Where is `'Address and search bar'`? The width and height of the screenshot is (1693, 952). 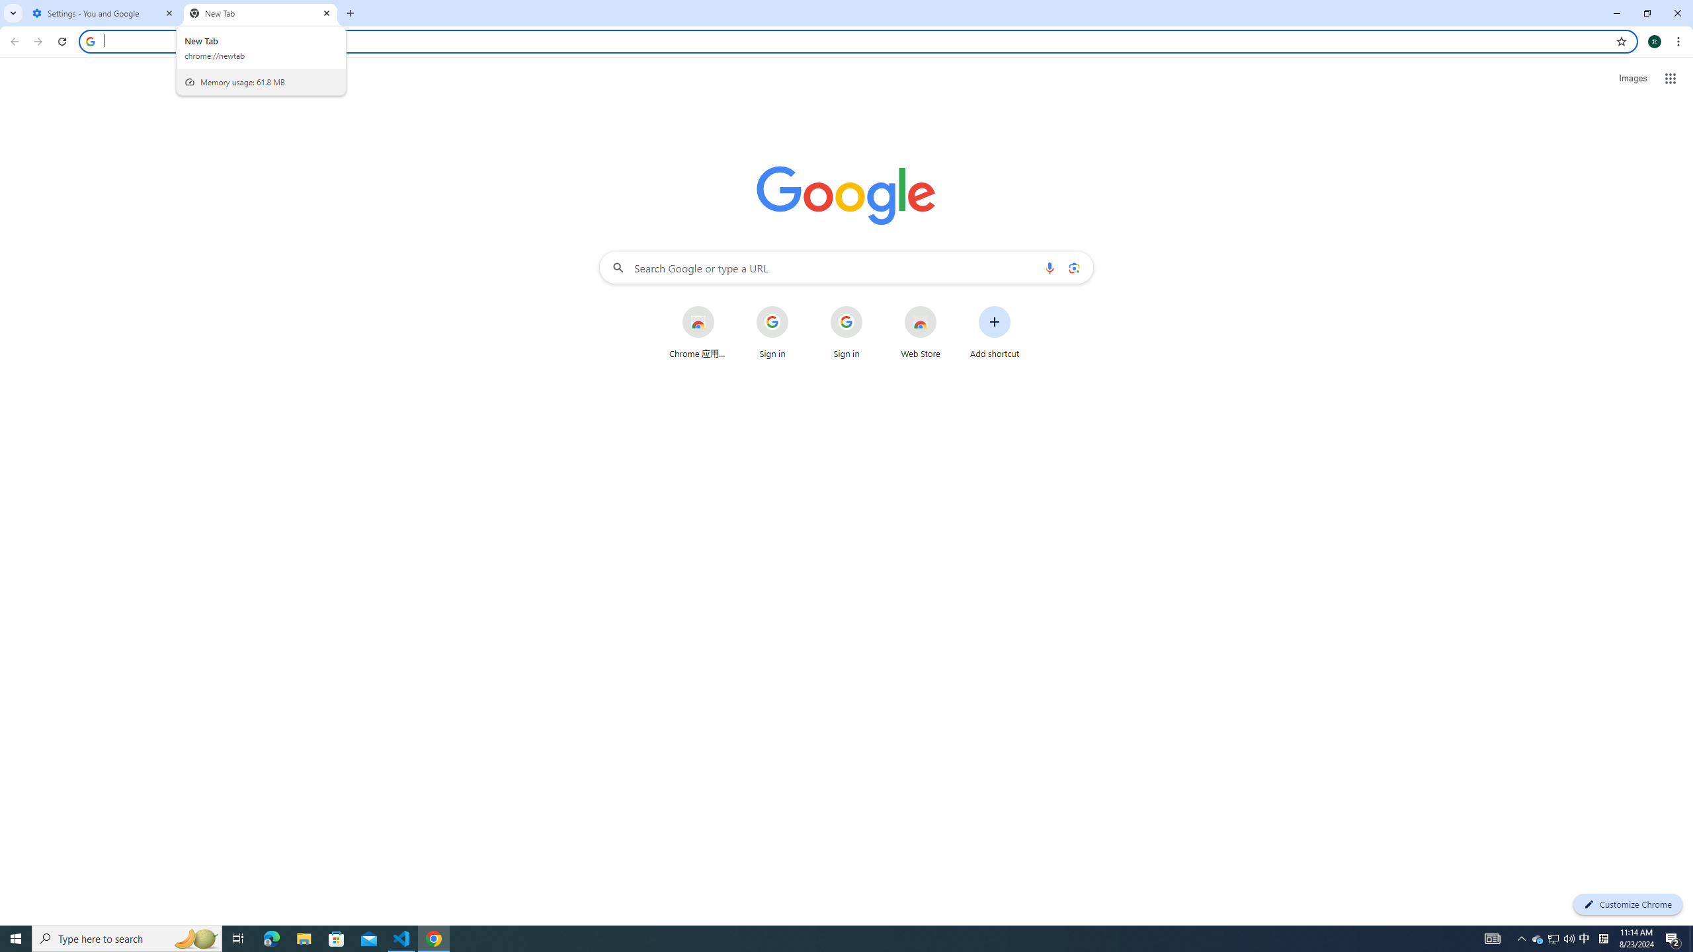 'Address and search bar' is located at coordinates (855, 40).